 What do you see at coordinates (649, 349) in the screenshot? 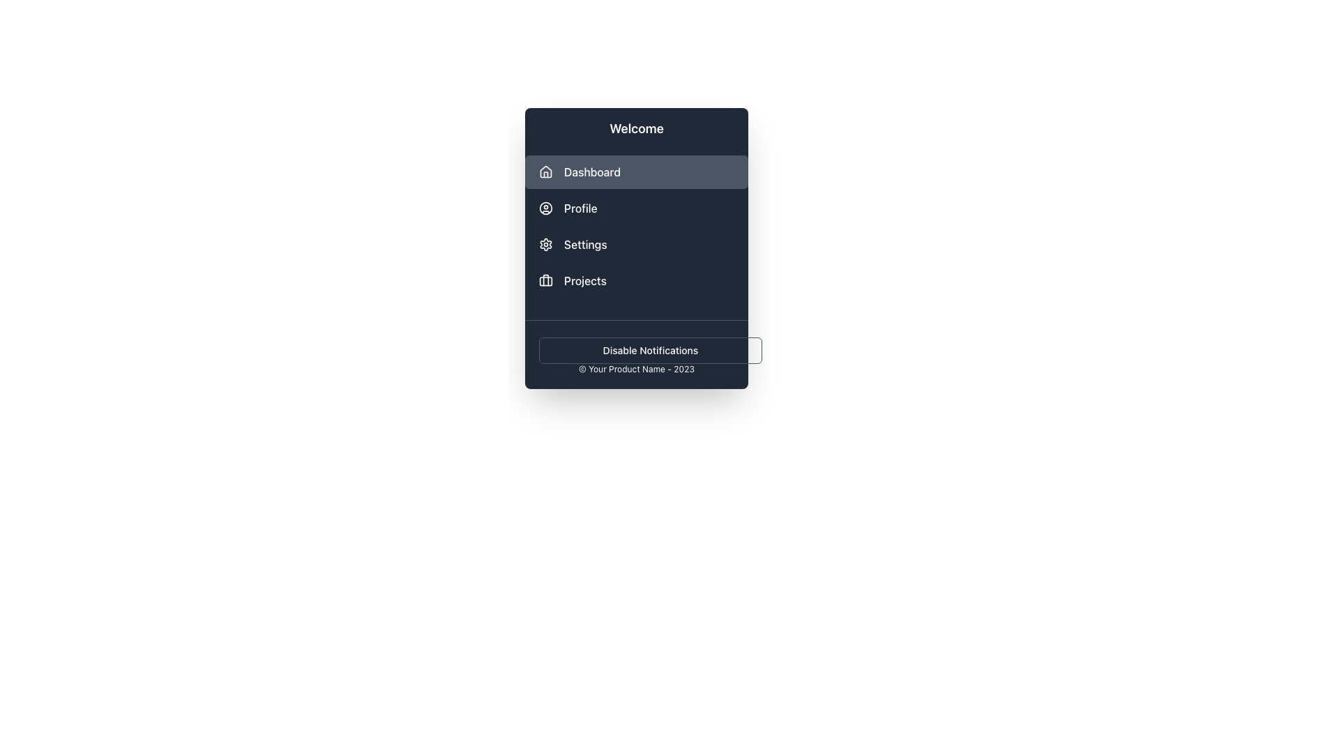
I see `the button located at the bottom of the vertical navigation sidebar` at bounding box center [649, 349].